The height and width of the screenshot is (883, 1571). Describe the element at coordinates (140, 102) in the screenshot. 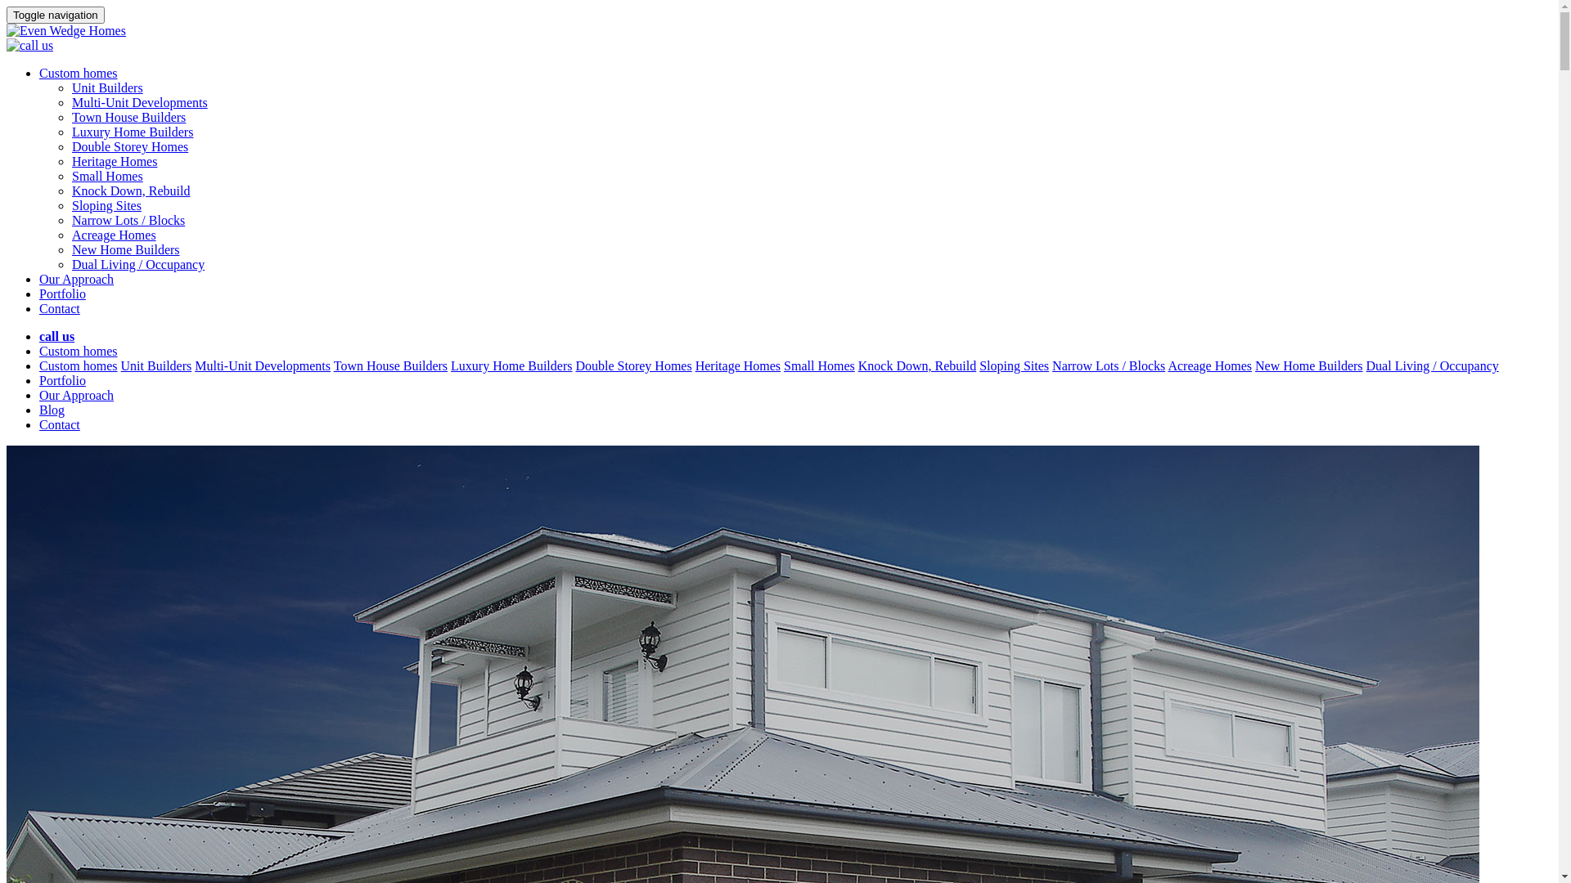

I see `'Multi-Unit Developments'` at that location.